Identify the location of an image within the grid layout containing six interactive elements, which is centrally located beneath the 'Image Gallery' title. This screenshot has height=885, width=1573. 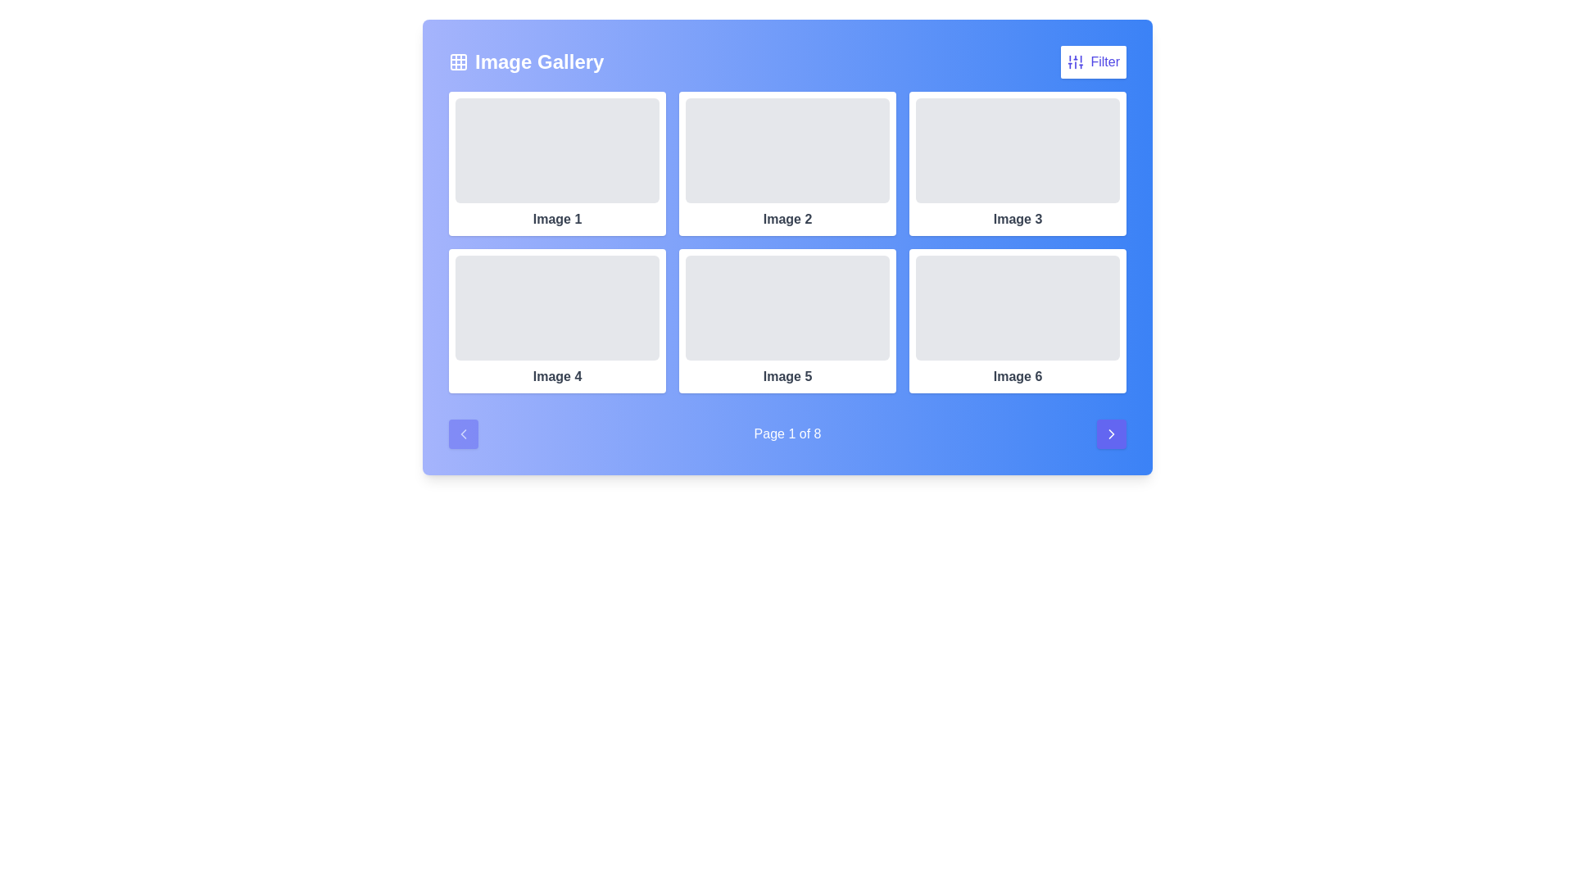
(787, 243).